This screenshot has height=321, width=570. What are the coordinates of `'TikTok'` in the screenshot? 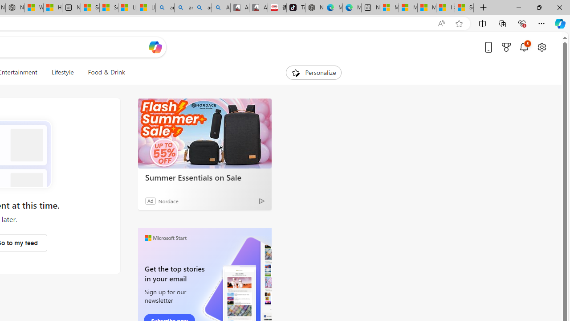 It's located at (296, 8).